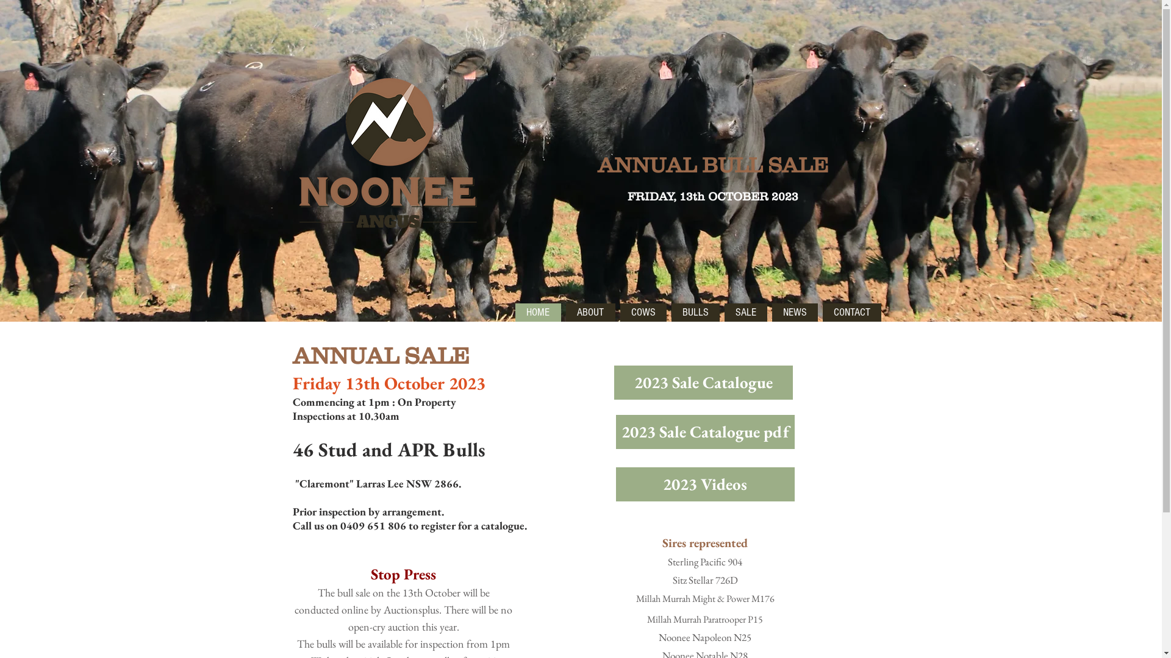 Image resolution: width=1171 pixels, height=658 pixels. Describe the element at coordinates (703, 382) in the screenshot. I see `'2023 Sale Catalogue'` at that location.